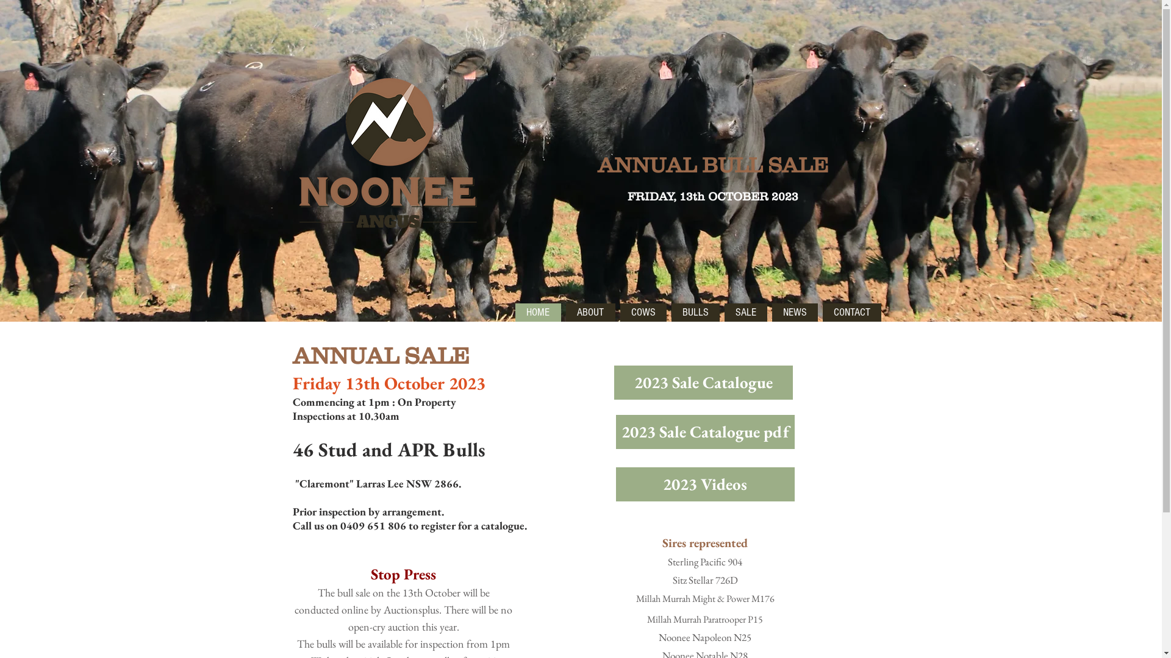 Image resolution: width=1171 pixels, height=658 pixels. Describe the element at coordinates (703, 382) in the screenshot. I see `'2023 Sale Catalogue'` at that location.